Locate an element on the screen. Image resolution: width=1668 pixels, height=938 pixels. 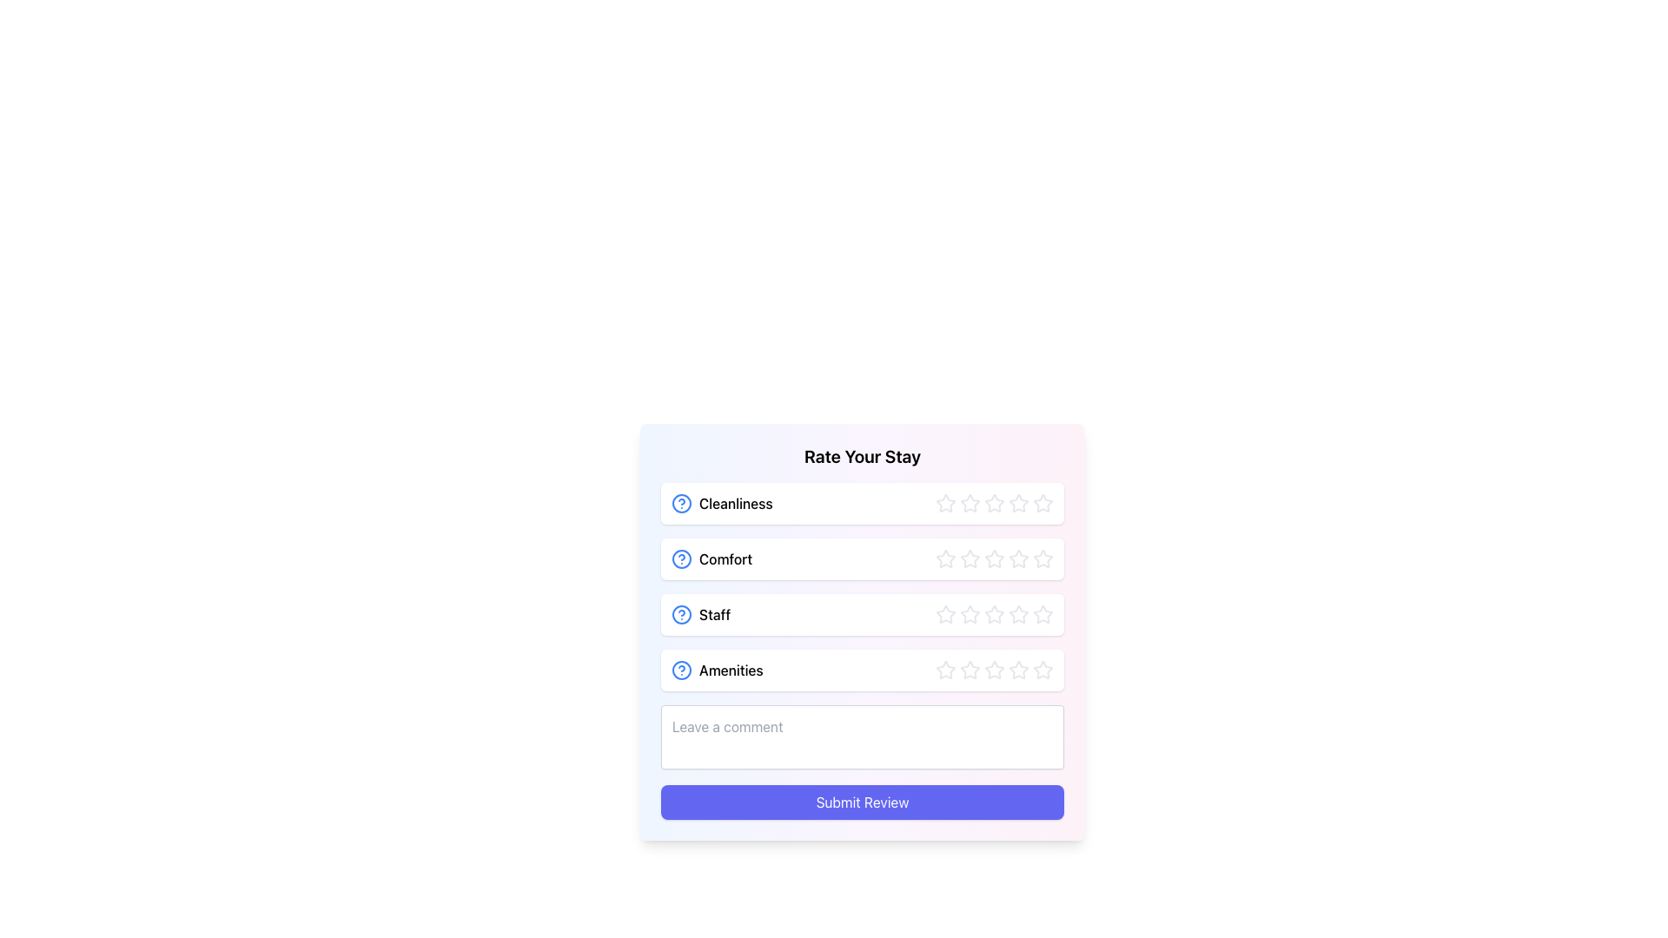
the third star in the five-star rating system for the 'Comfort' category is located at coordinates (995, 559).